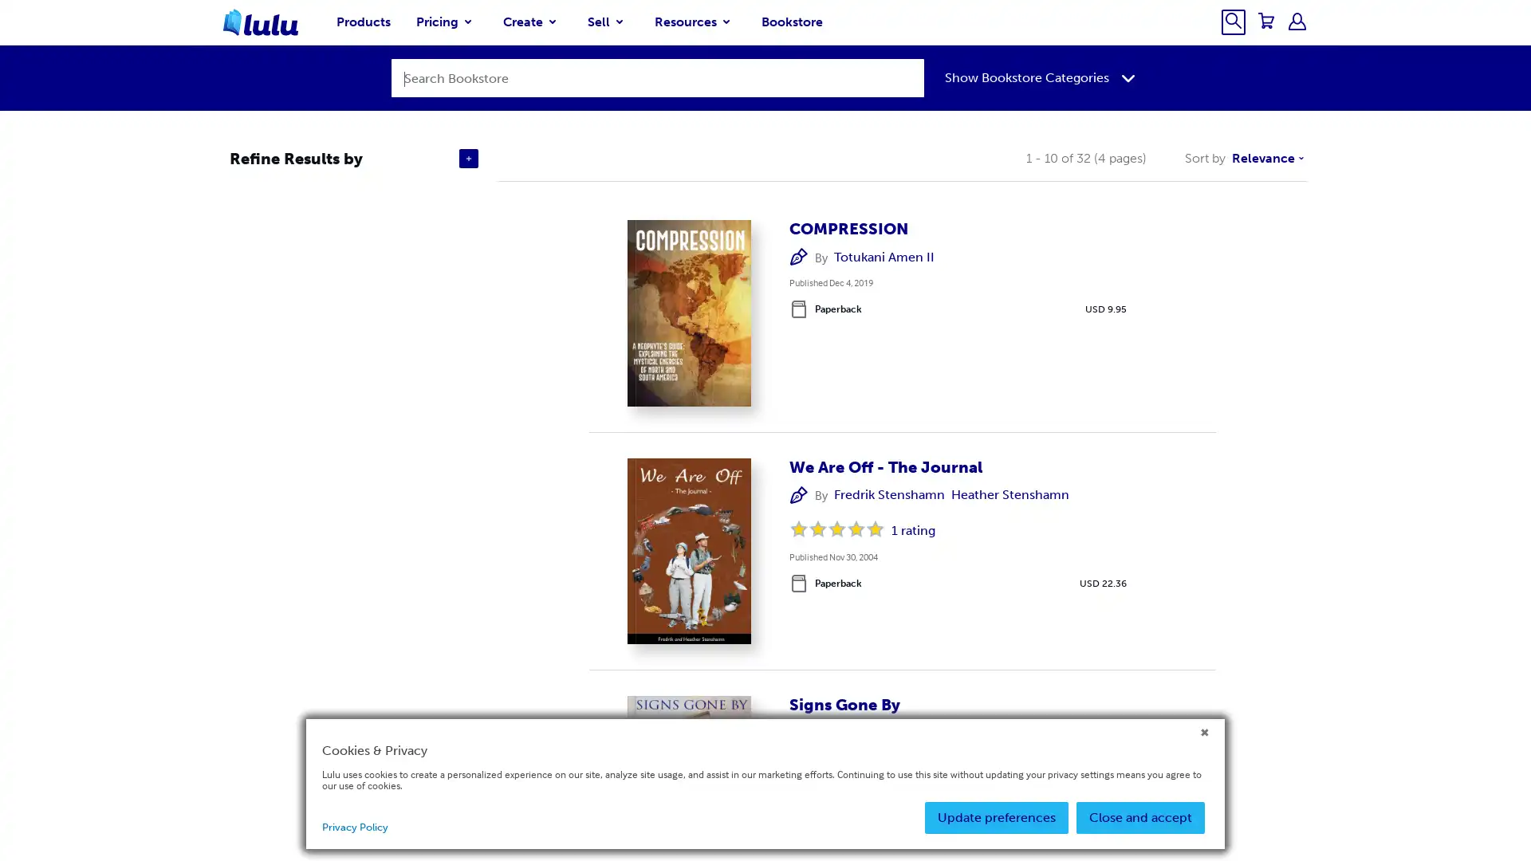 The height and width of the screenshot is (861, 1531). What do you see at coordinates (856, 529) in the screenshot?
I see `Choose 4 stars` at bounding box center [856, 529].